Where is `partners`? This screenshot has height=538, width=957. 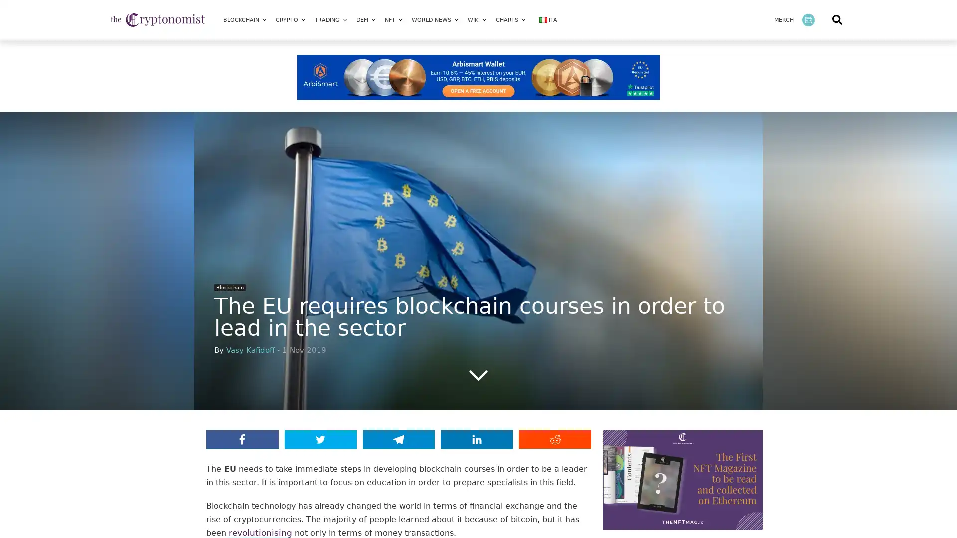
partners is located at coordinates (159, 409).